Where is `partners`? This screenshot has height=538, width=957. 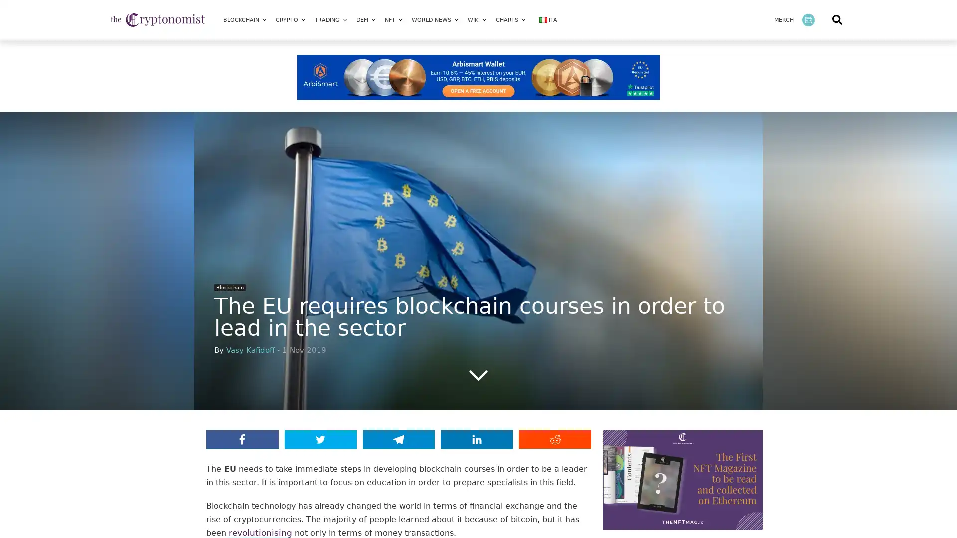
partners is located at coordinates (159, 409).